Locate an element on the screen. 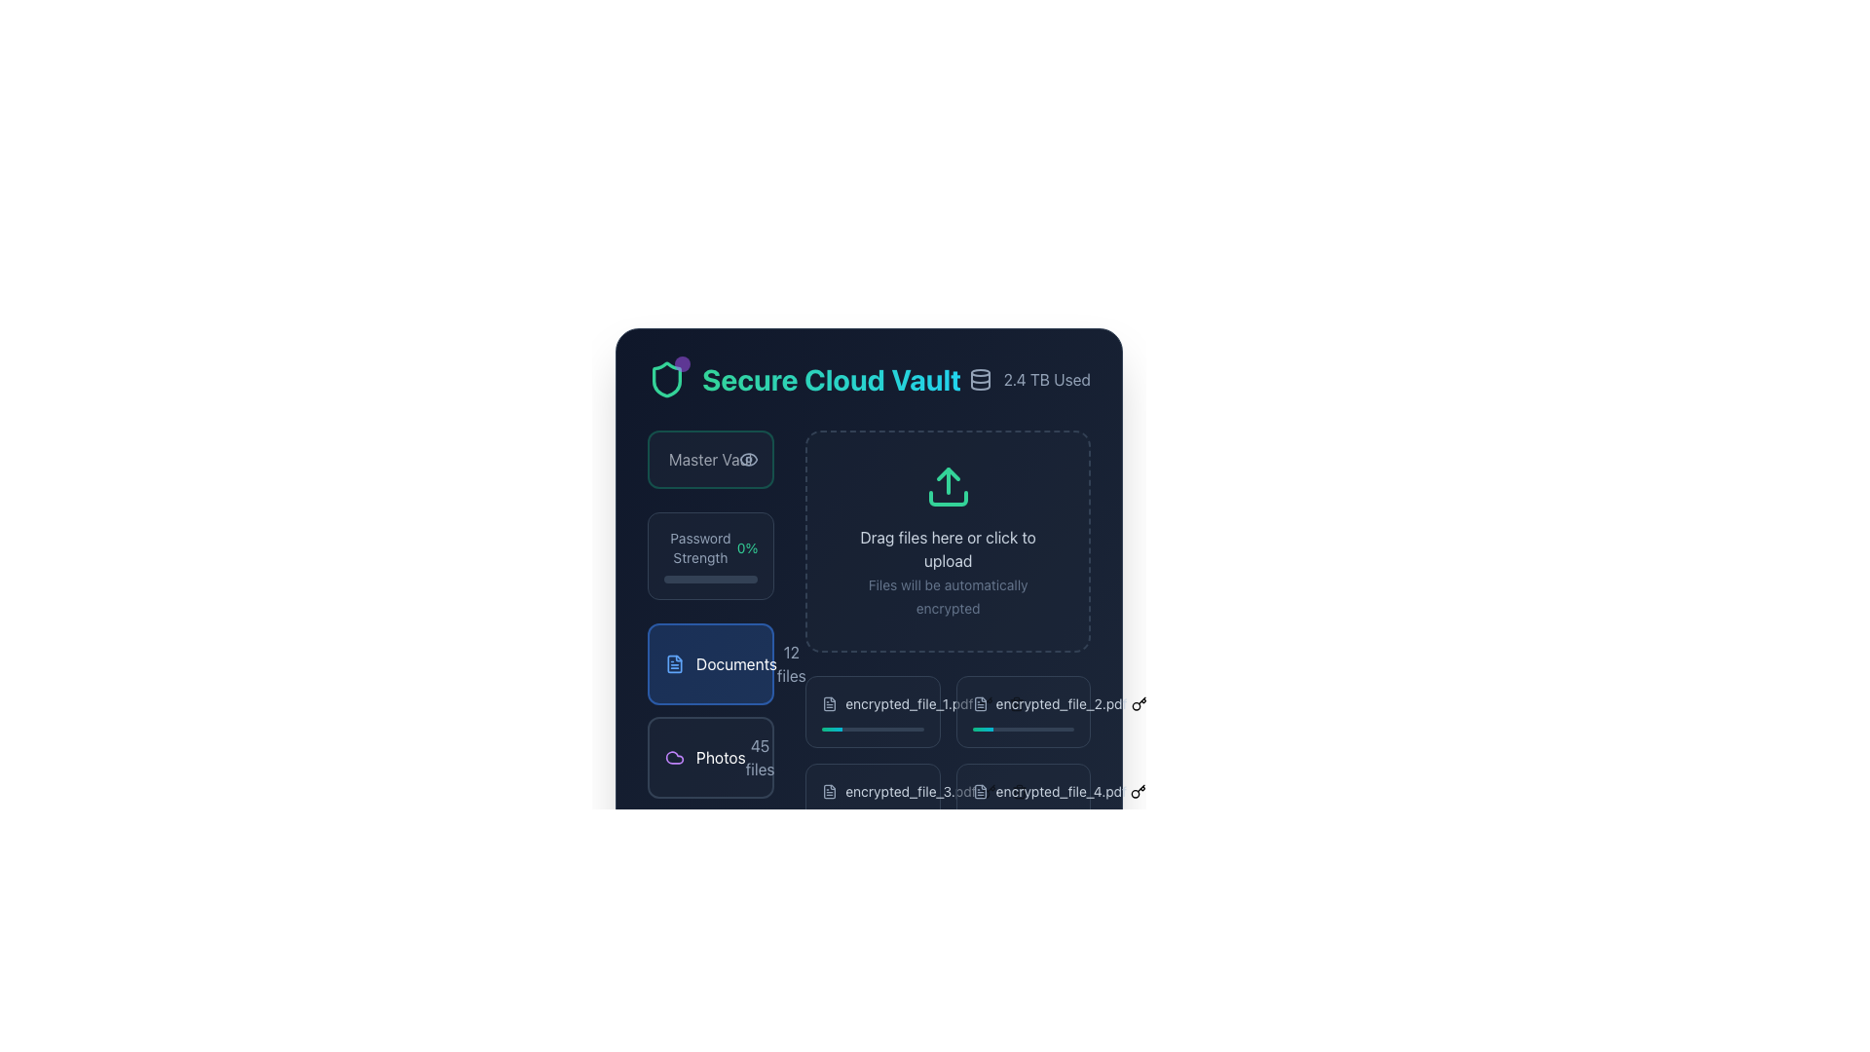 Image resolution: width=1870 pixels, height=1052 pixels. the 'Documents' button, which is the first entry in the folder list within the vertical sidebar on the left, featuring a document file icon and white text against a dark background is located at coordinates (720, 663).